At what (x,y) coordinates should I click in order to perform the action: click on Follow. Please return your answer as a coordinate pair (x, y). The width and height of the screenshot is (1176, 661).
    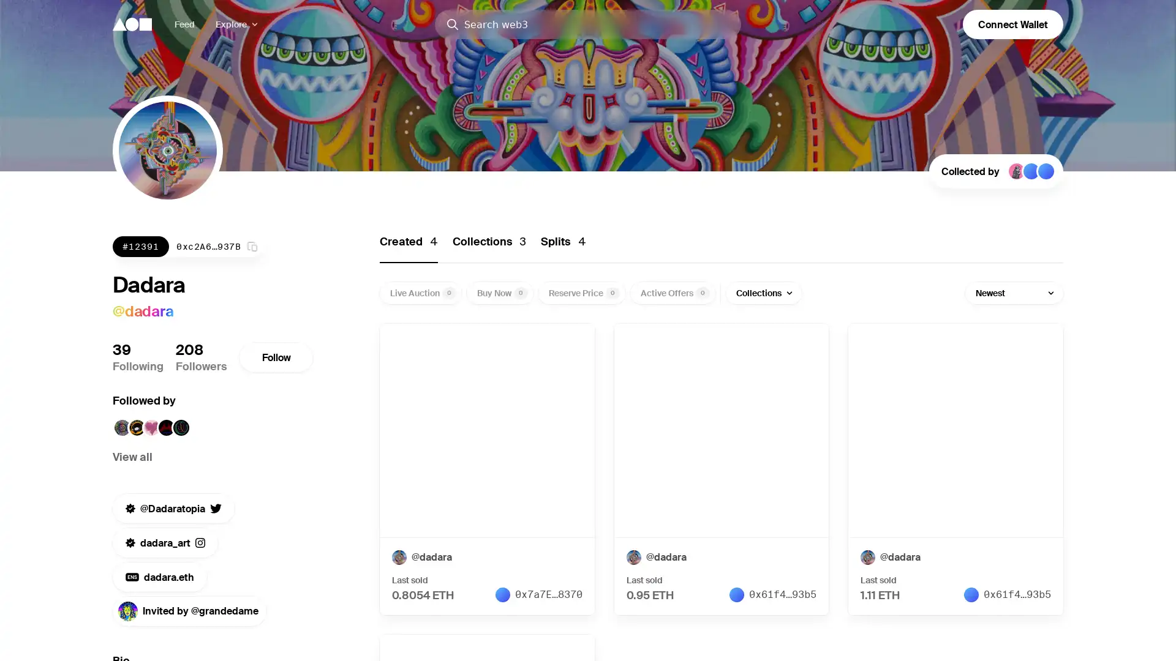
    Looking at the image, I should click on (276, 356).